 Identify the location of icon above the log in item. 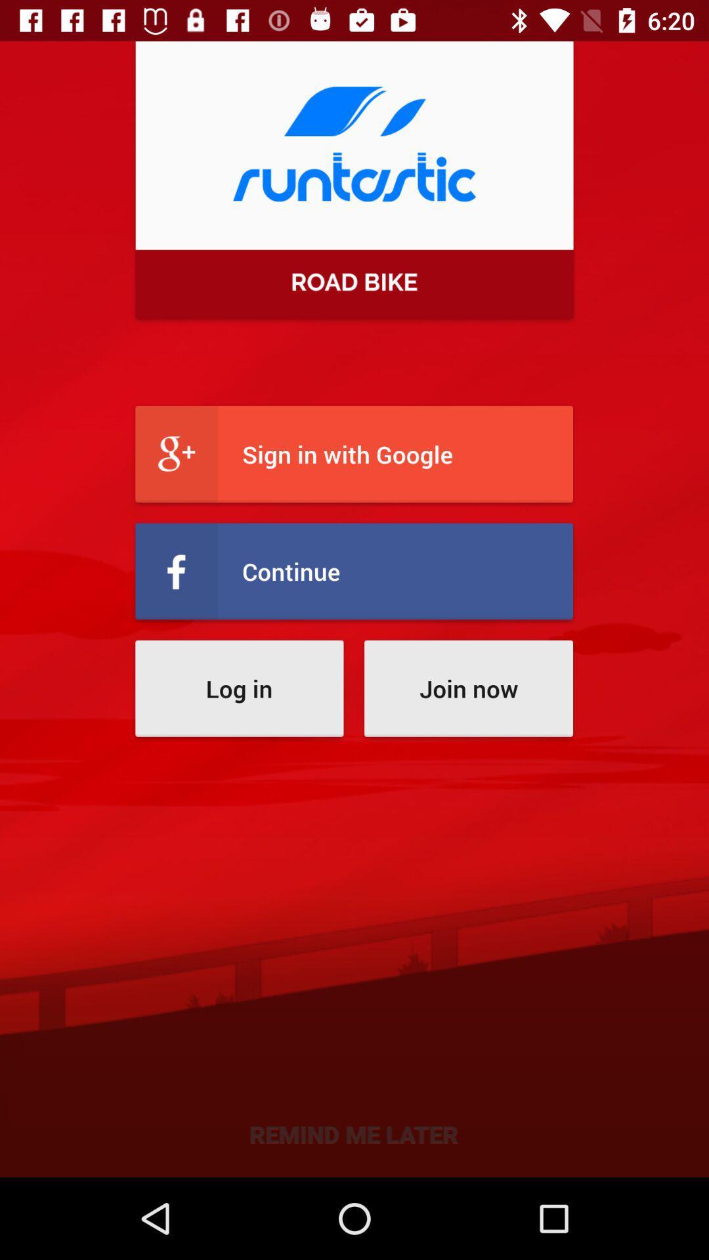
(353, 571).